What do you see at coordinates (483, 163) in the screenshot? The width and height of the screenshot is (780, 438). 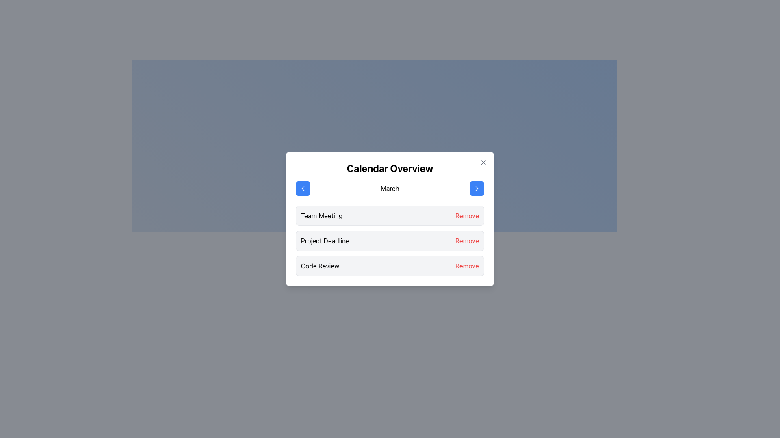 I see `the close button styled as an 'X' in the top-right corner of the pop-up panel to change its color to red` at bounding box center [483, 163].